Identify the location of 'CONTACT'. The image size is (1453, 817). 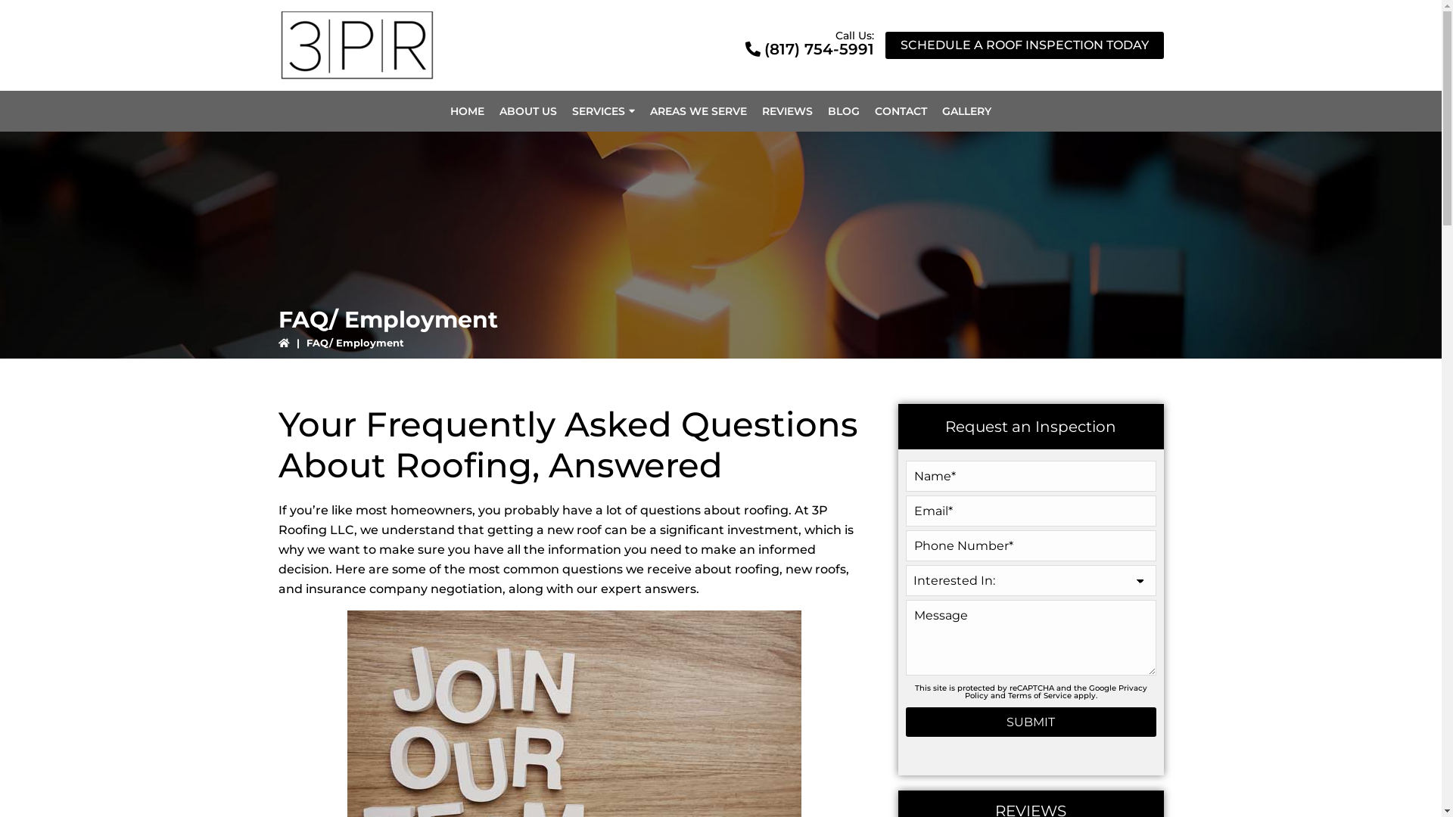
(901, 110).